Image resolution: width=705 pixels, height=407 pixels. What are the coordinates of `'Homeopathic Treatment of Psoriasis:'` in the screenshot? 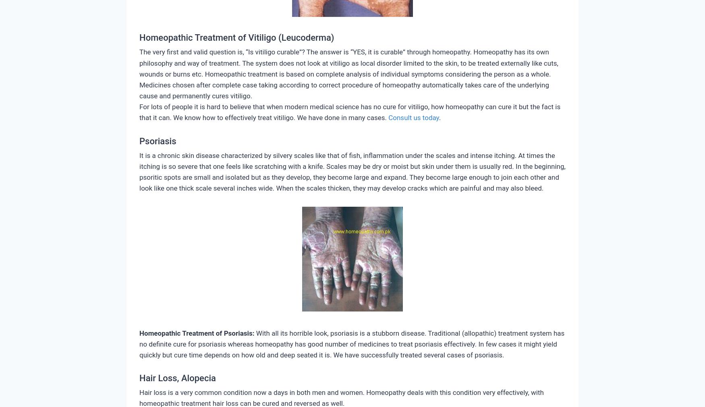 It's located at (197, 332).